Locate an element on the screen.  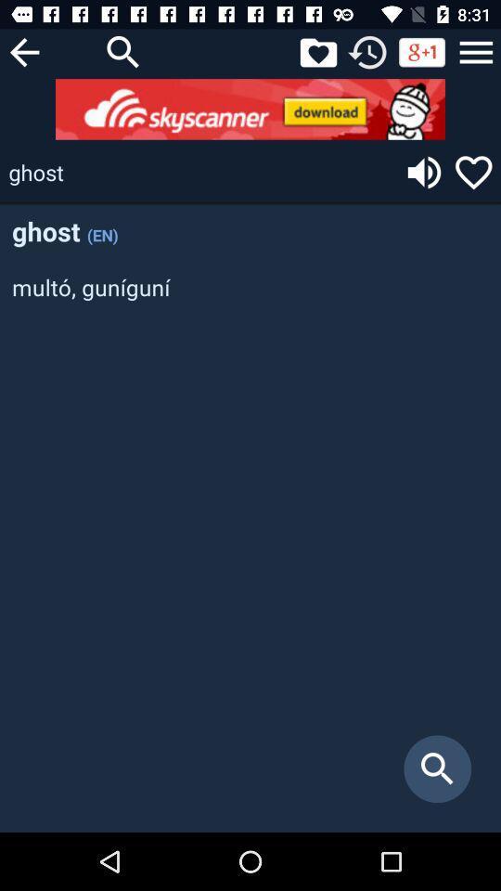
download sky scanner app is located at coordinates (250, 109).